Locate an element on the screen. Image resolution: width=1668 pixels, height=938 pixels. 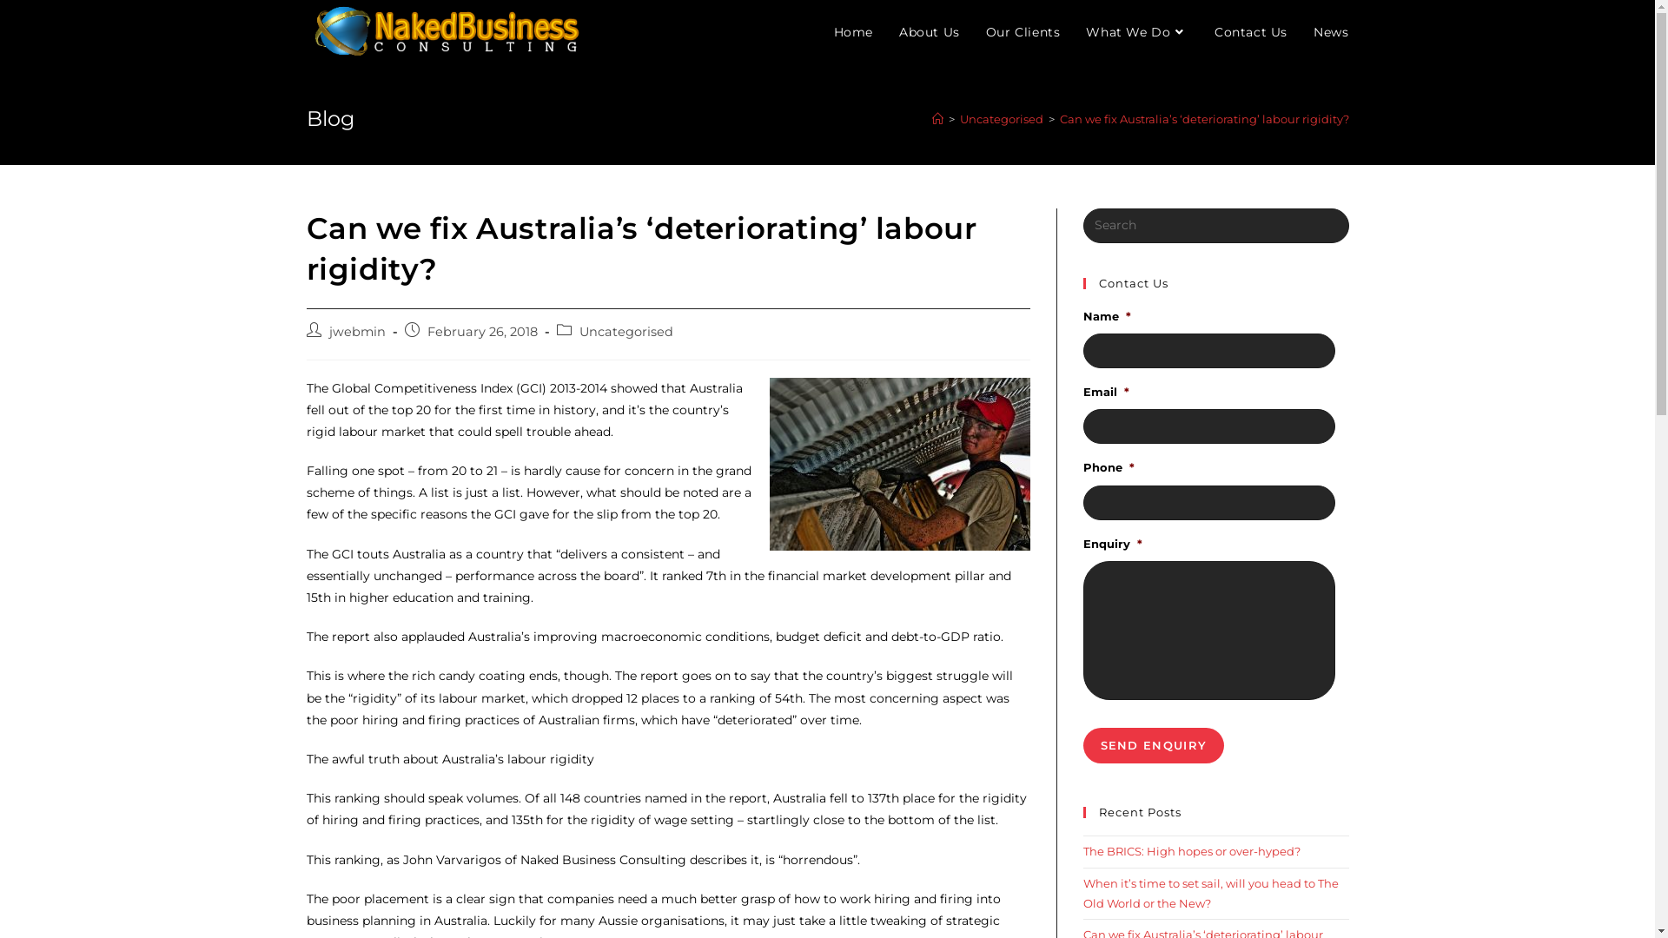
'News' is located at coordinates (1329, 32).